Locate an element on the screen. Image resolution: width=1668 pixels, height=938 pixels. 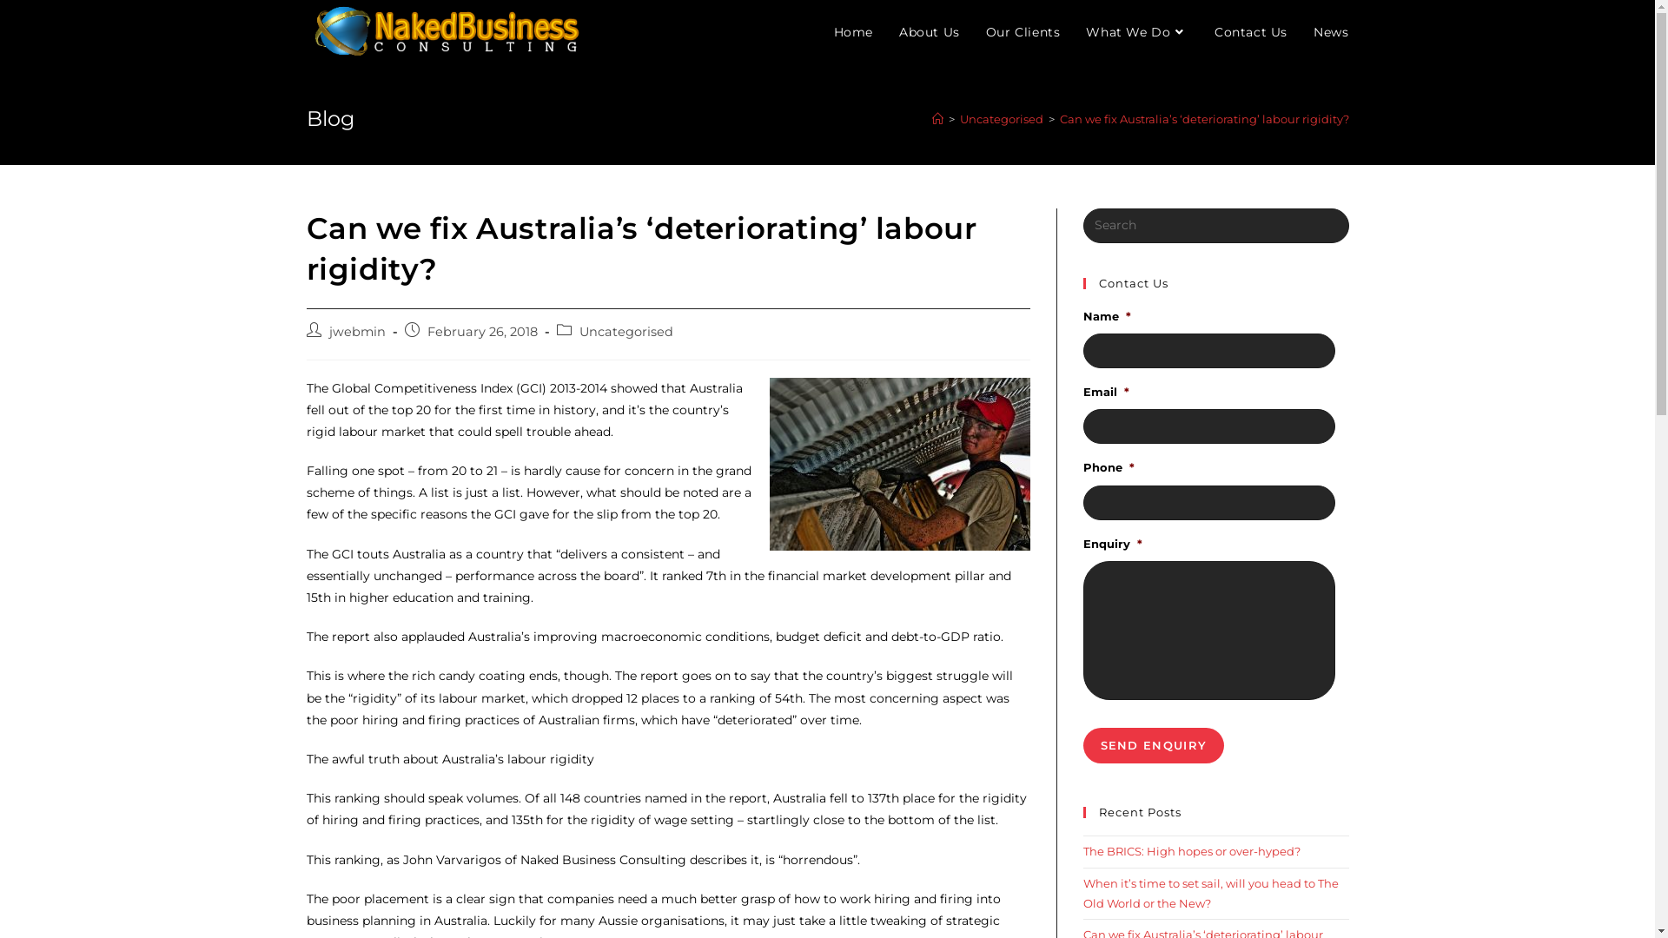
'News' is located at coordinates (1329, 32).